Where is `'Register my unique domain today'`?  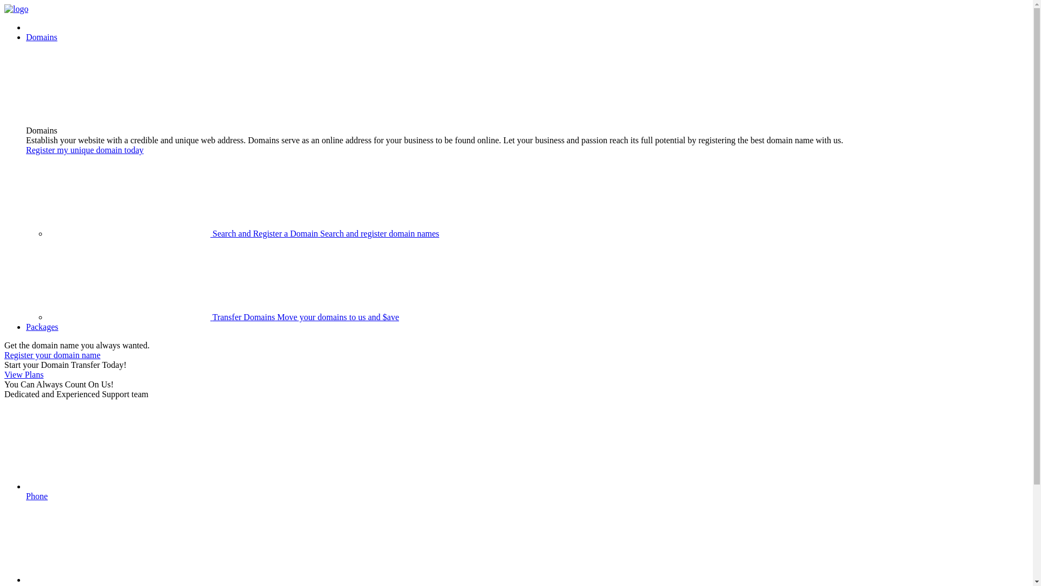
'Register my unique domain today' is located at coordinates (84, 150).